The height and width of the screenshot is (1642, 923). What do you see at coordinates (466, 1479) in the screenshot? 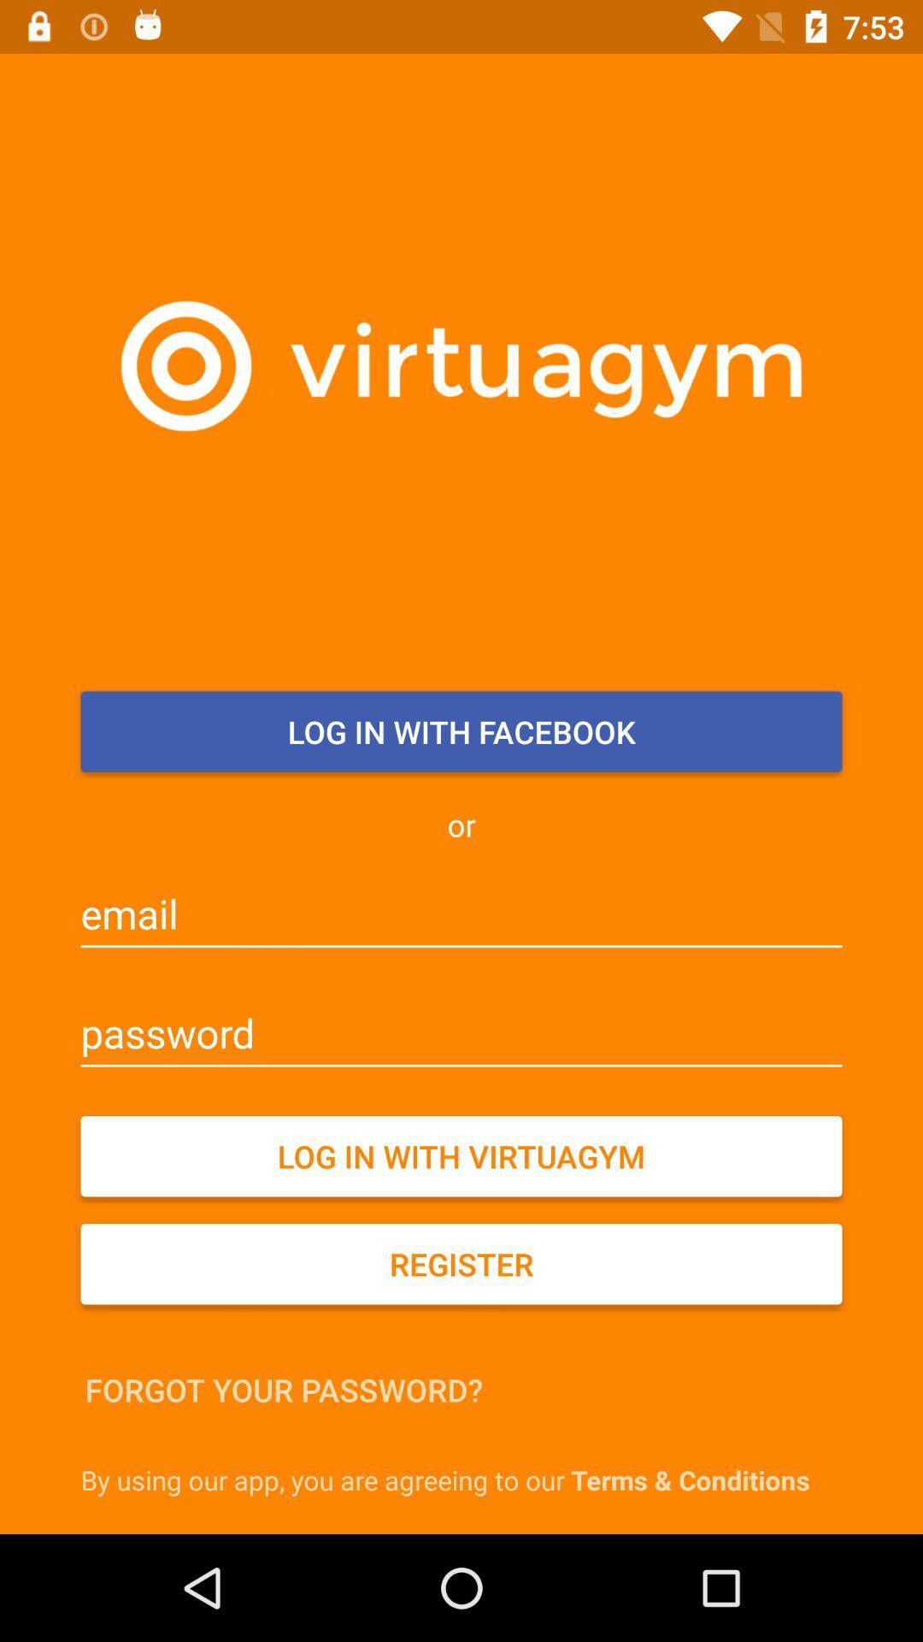
I see `by using our icon` at bounding box center [466, 1479].